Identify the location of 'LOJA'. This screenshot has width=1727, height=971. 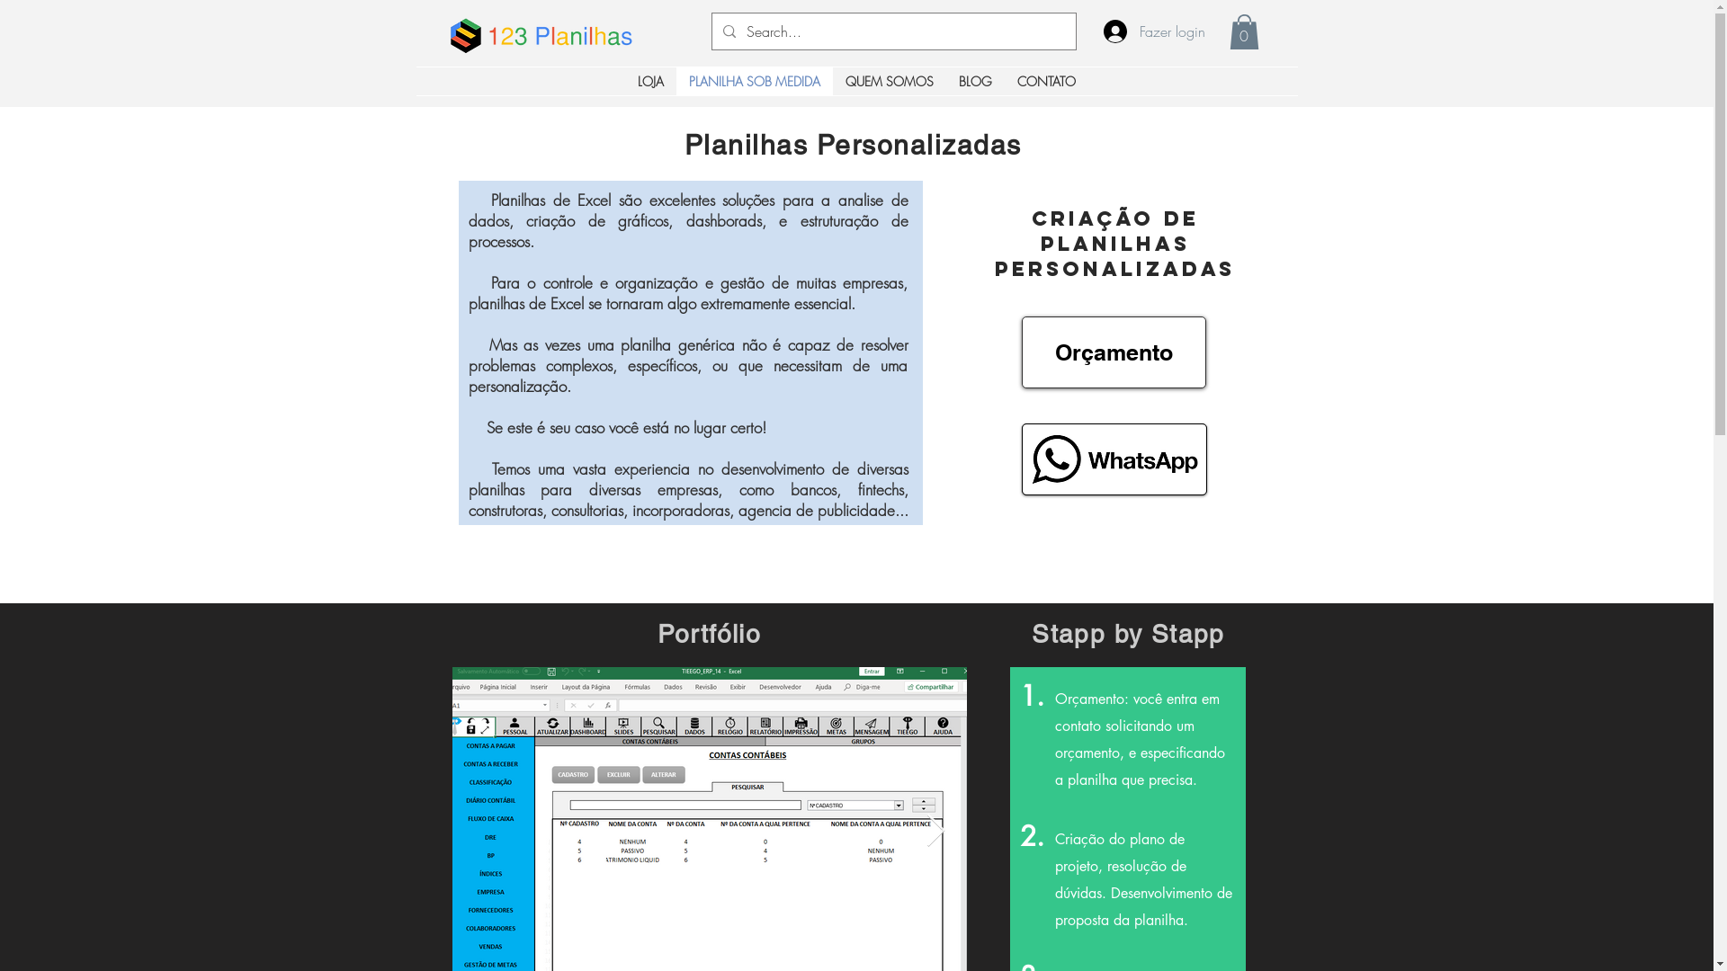
(649, 81).